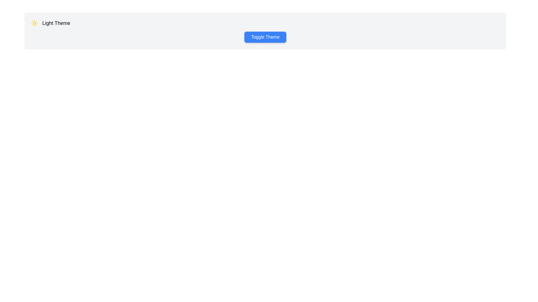 This screenshot has width=538, height=302. Describe the element at coordinates (265, 37) in the screenshot. I see `the 'Toggle Theme' button to toggle the theme` at that location.